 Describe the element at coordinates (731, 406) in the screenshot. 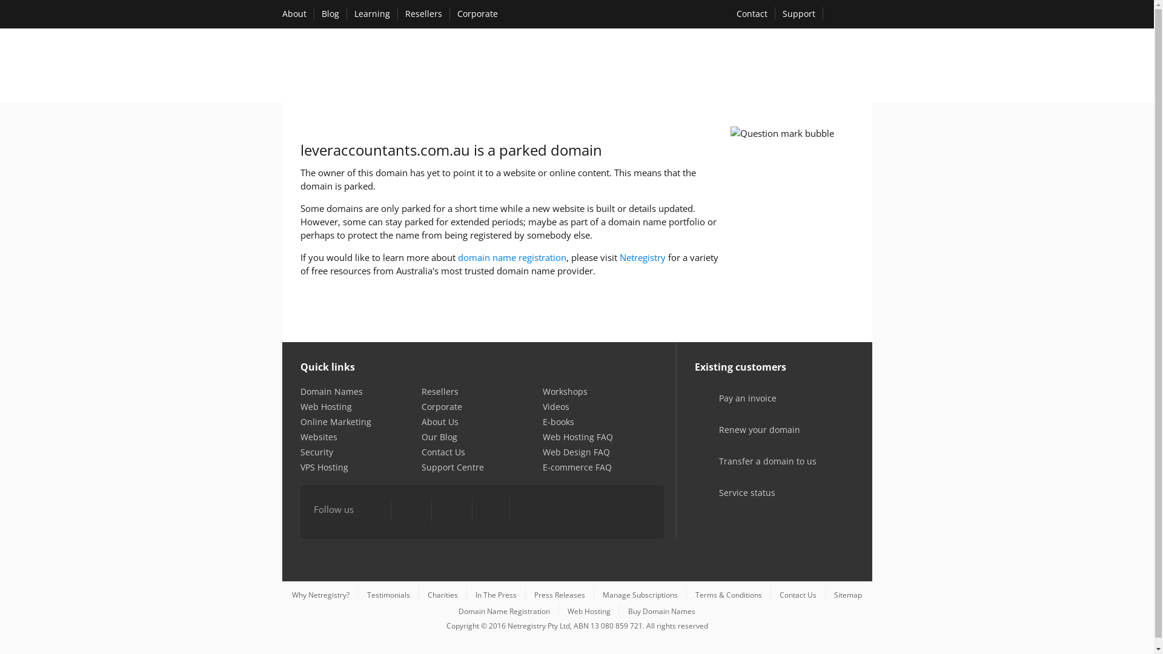

I see `'Pay an invoice'` at that location.